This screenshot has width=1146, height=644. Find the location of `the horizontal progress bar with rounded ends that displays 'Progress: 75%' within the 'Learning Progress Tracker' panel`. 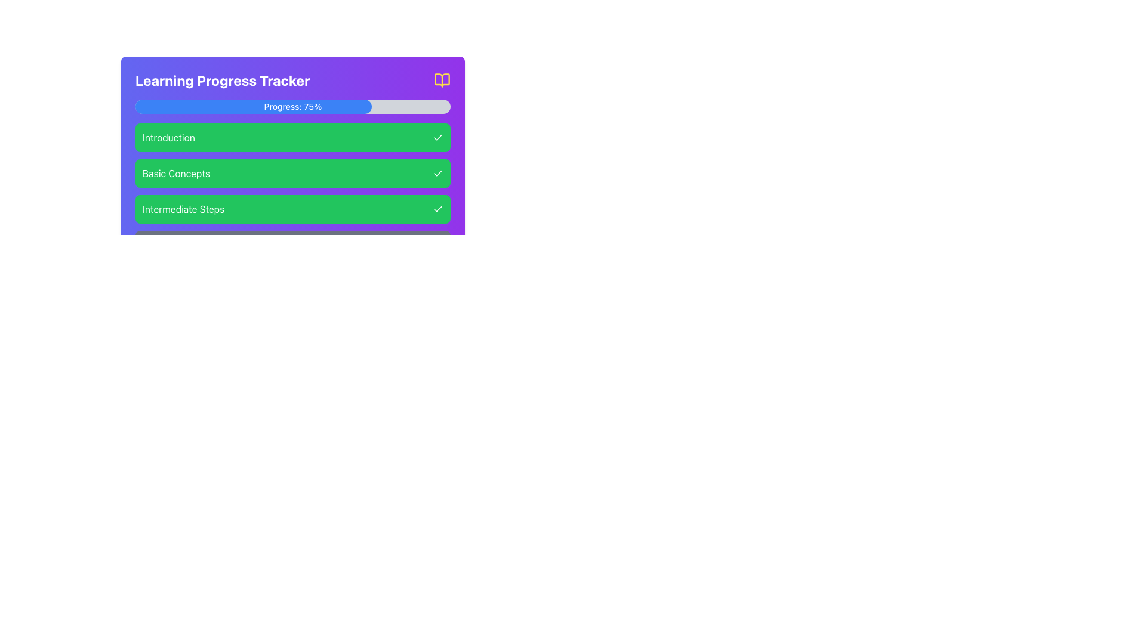

the horizontal progress bar with rounded ends that displays 'Progress: 75%' within the 'Learning Progress Tracker' panel is located at coordinates (292, 106).